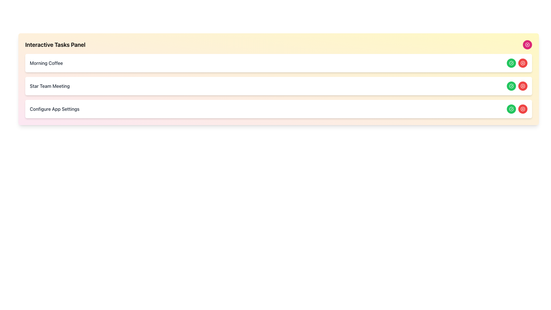 This screenshot has height=310, width=551. I want to click on the 'Star Team Meeting' text label, so click(50, 86).